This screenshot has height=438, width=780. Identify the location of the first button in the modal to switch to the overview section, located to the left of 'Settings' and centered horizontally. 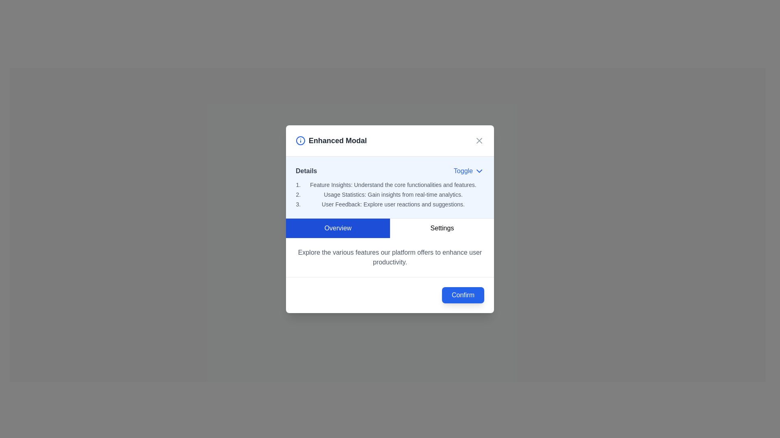
(338, 228).